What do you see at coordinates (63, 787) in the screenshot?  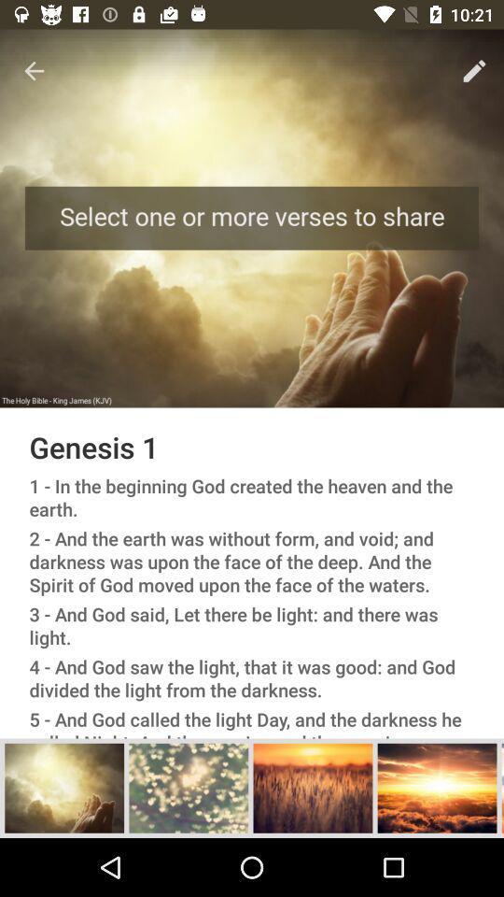 I see `it so some image` at bounding box center [63, 787].